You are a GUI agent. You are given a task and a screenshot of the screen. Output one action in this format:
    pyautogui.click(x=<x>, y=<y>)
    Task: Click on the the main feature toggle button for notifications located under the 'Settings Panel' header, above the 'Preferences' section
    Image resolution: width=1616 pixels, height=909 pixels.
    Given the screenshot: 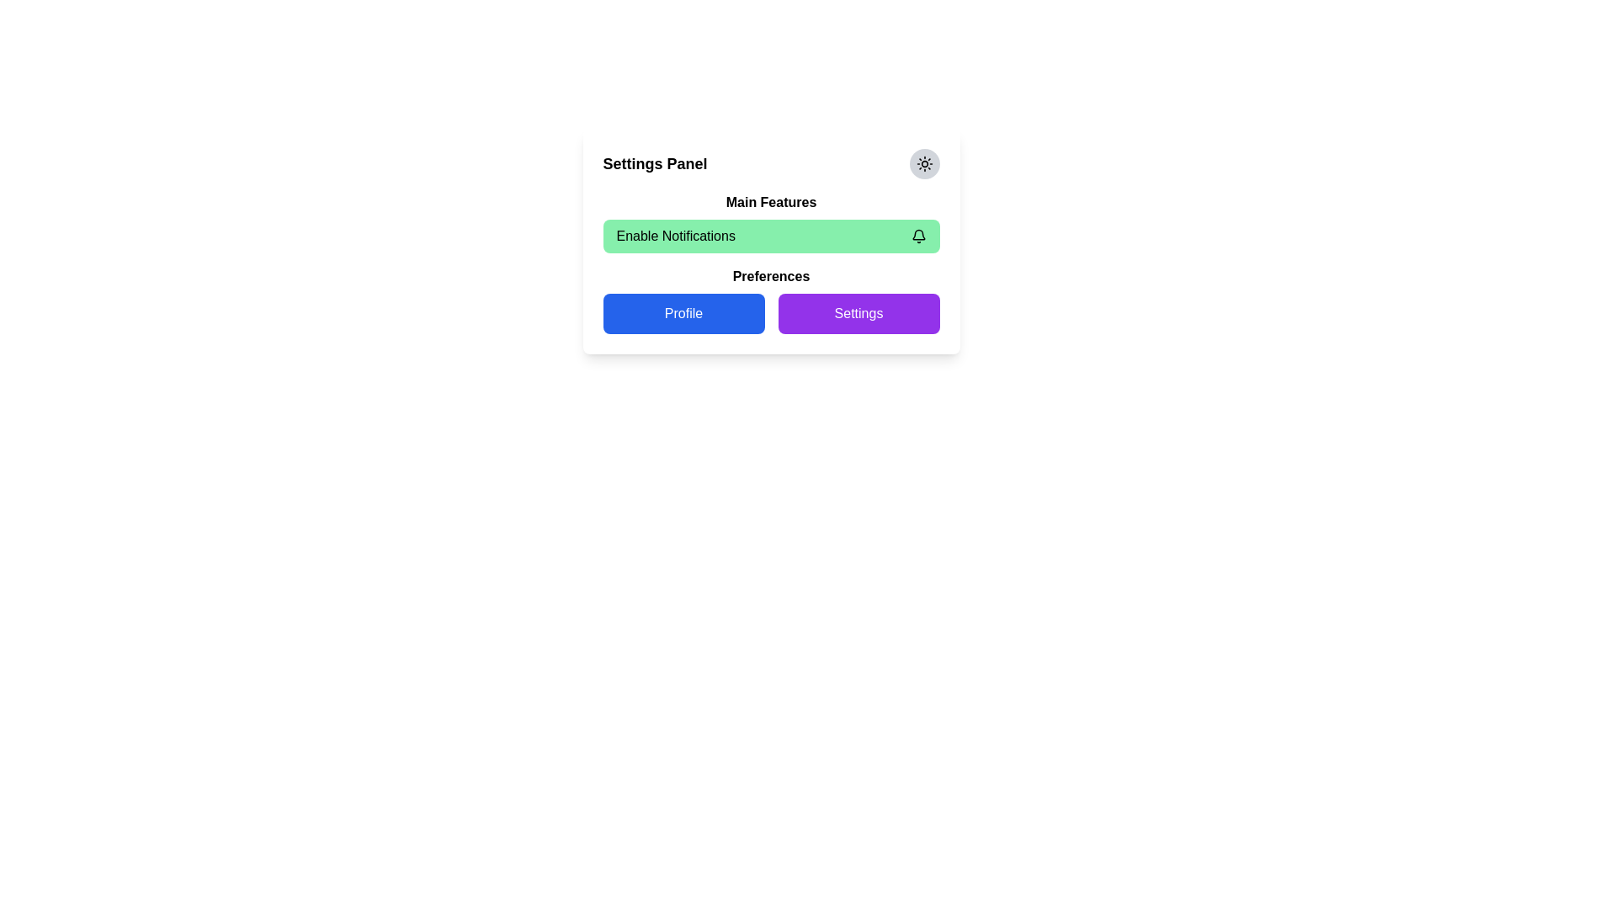 What is the action you would take?
    pyautogui.click(x=770, y=222)
    